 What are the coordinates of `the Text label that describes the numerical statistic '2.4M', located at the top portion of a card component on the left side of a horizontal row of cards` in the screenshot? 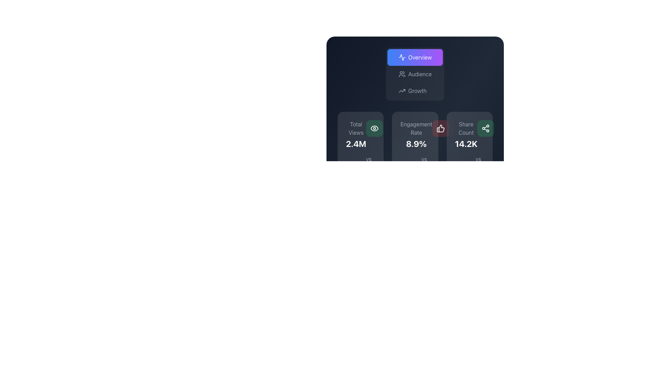 It's located at (356, 128).